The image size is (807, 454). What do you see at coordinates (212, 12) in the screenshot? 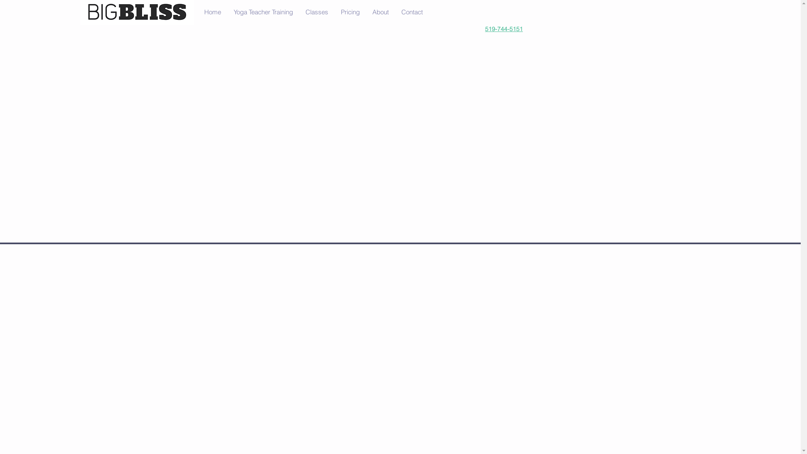
I see `'Home'` at bounding box center [212, 12].